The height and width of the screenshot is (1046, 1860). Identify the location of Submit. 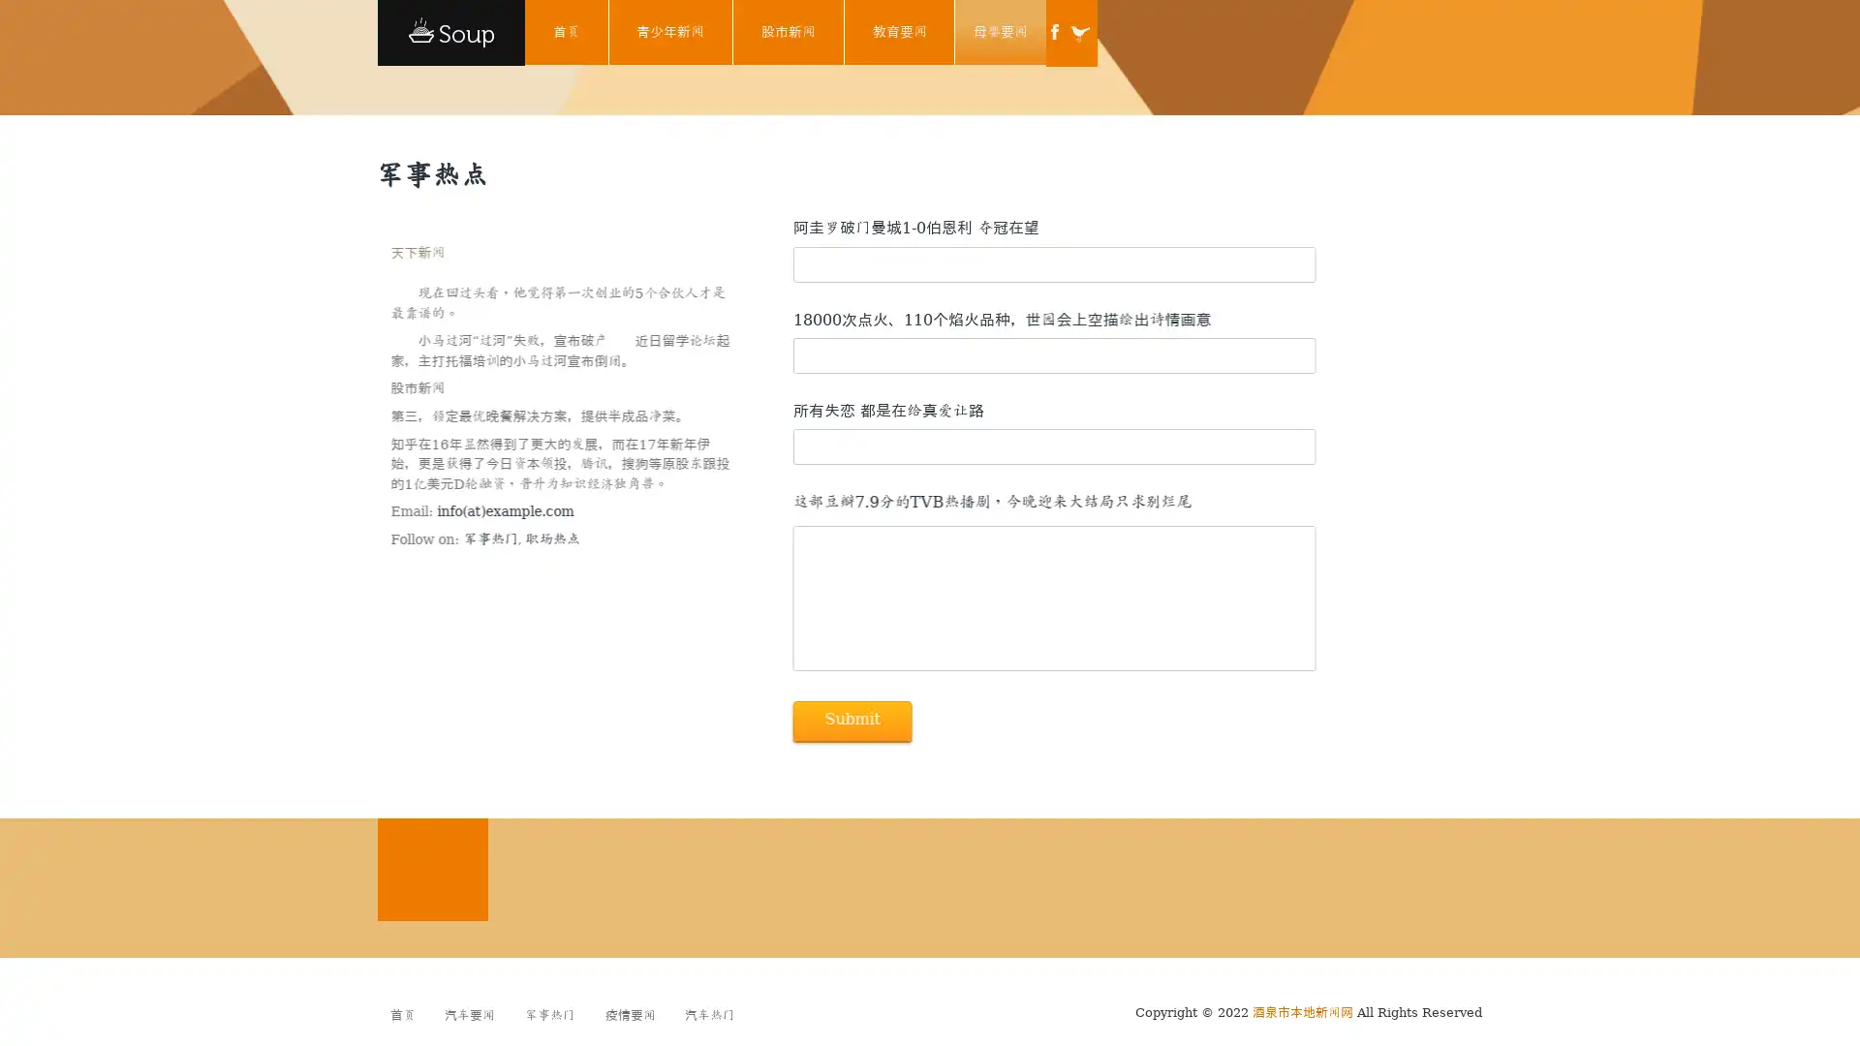
(851, 721).